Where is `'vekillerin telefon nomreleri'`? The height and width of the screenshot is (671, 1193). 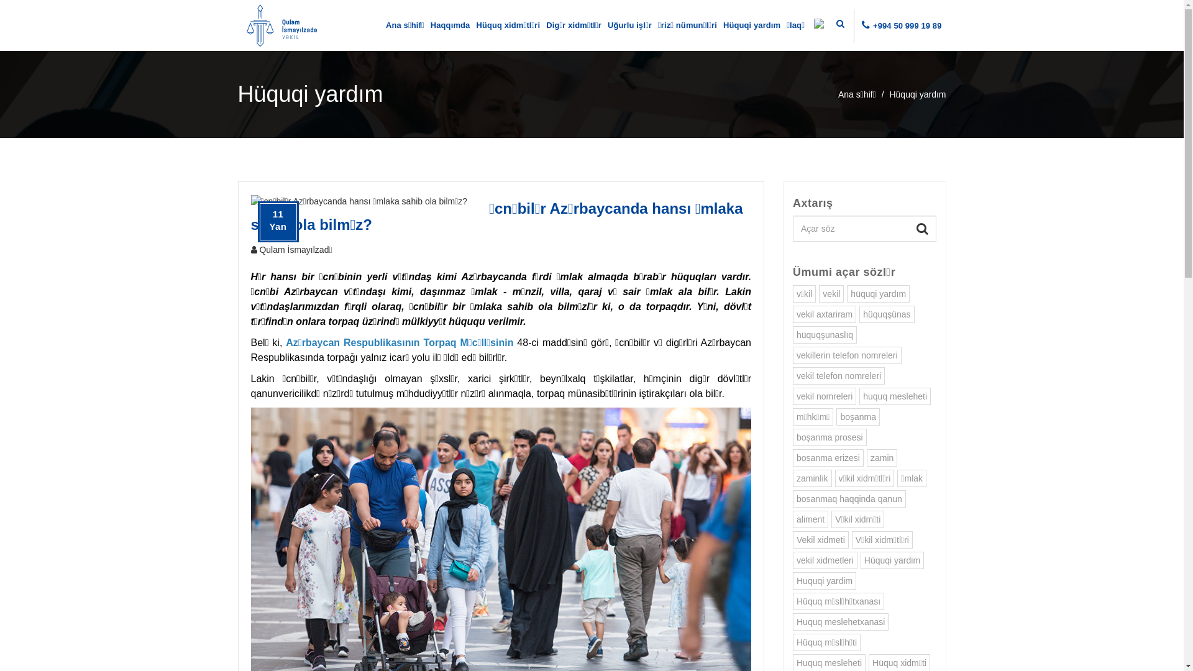
'vekillerin telefon nomreleri' is located at coordinates (846, 355).